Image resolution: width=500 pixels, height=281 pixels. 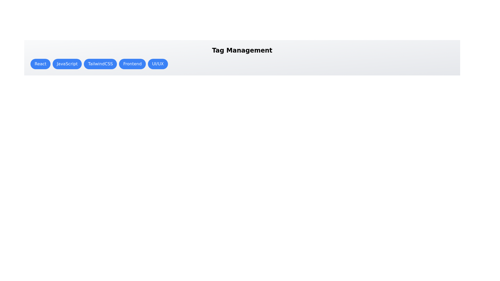 What do you see at coordinates (100, 64) in the screenshot?
I see `the tag button labeled TailwindCSS` at bounding box center [100, 64].